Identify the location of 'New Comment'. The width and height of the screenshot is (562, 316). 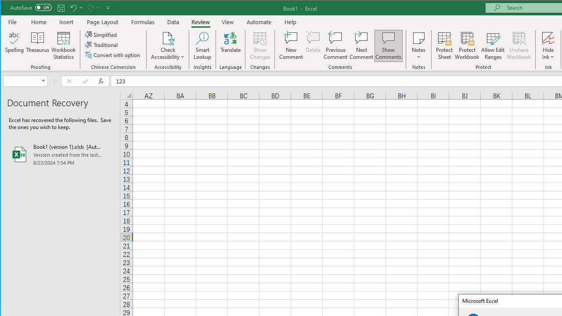
(291, 46).